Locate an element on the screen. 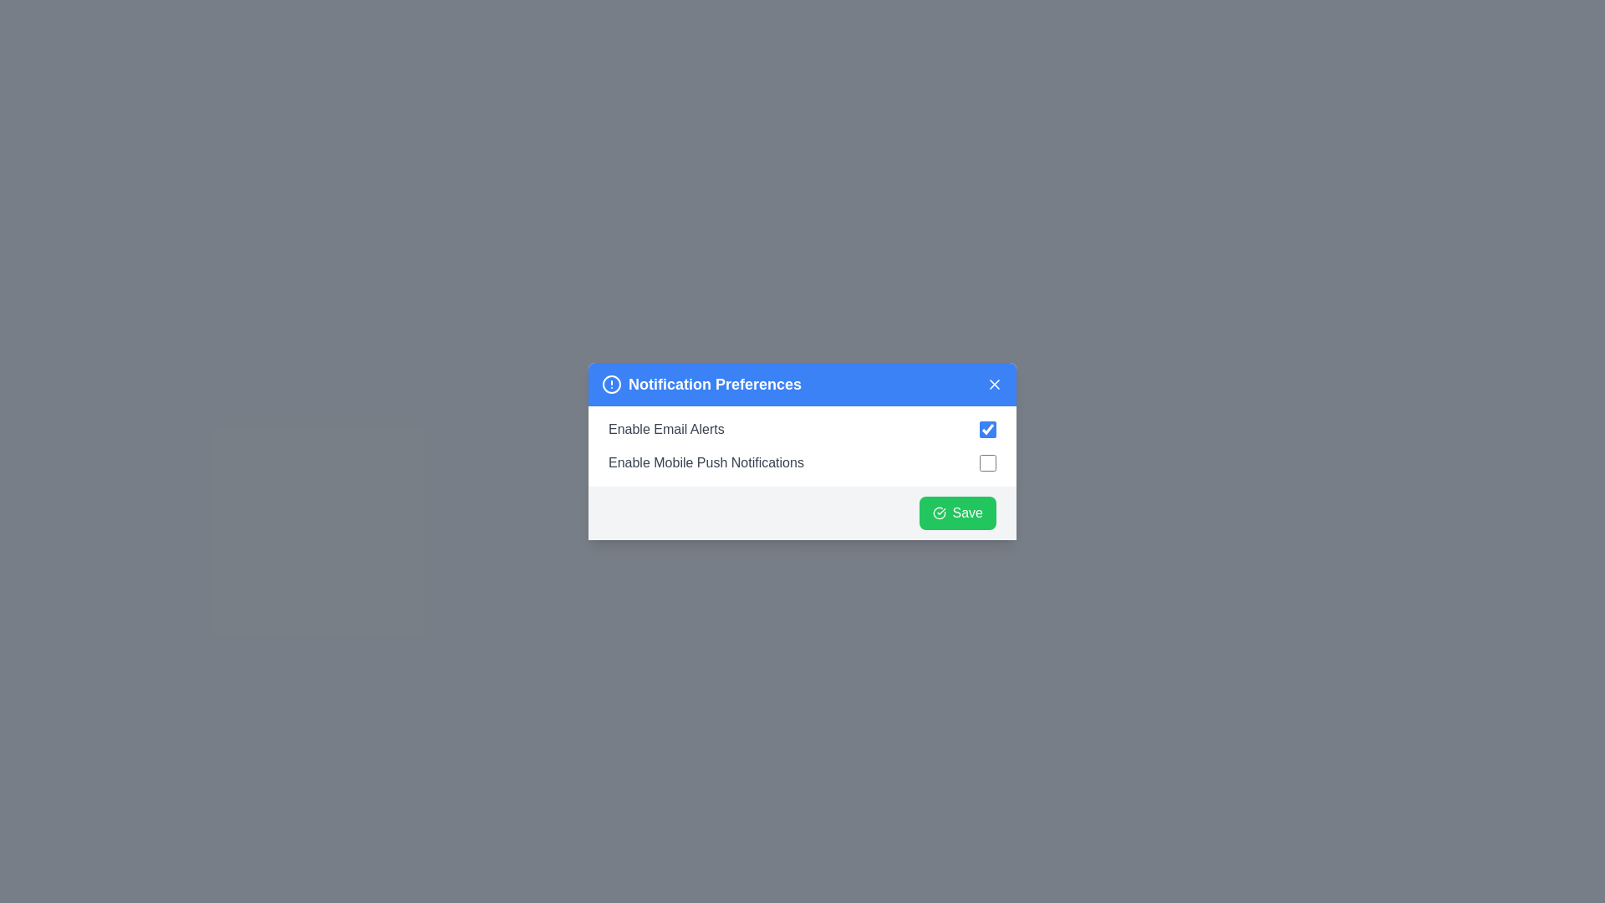 The height and width of the screenshot is (903, 1605). the close icon located at the top-right corner of the modal is located at coordinates (995, 384).